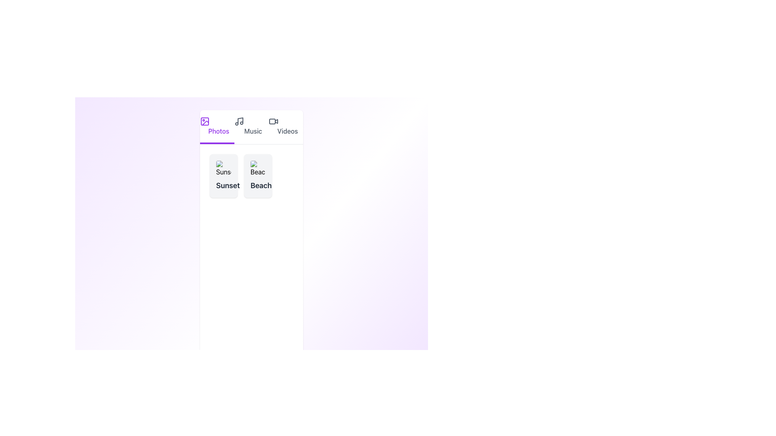  What do you see at coordinates (251, 127) in the screenshot?
I see `the 'Music' button in the horizontal navigation menu` at bounding box center [251, 127].